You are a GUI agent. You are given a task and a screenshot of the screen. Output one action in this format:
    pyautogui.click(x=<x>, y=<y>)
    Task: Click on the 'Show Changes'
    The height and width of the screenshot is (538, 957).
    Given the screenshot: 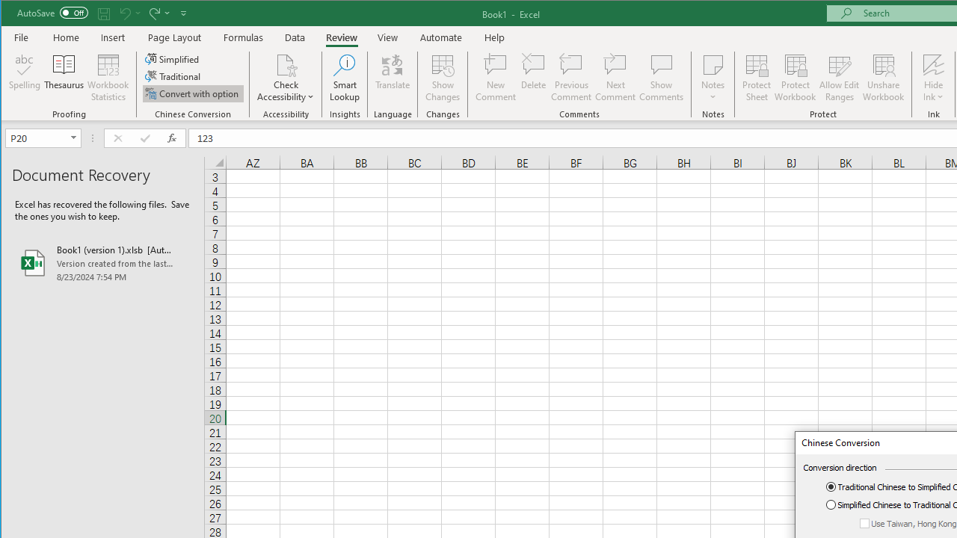 What is the action you would take?
    pyautogui.click(x=442, y=78)
    